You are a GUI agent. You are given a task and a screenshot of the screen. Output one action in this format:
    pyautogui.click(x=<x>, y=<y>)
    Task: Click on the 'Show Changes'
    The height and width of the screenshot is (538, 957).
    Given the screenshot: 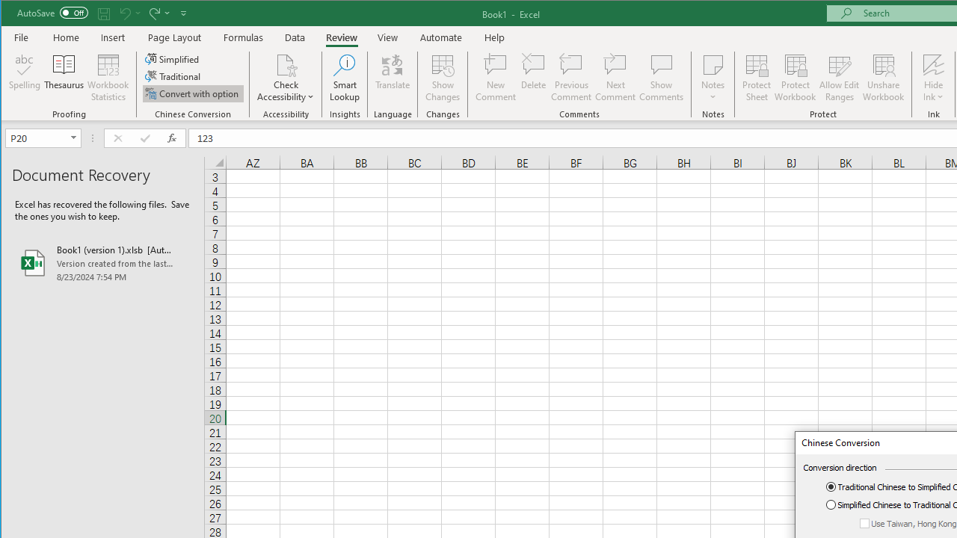 What is the action you would take?
    pyautogui.click(x=442, y=78)
    